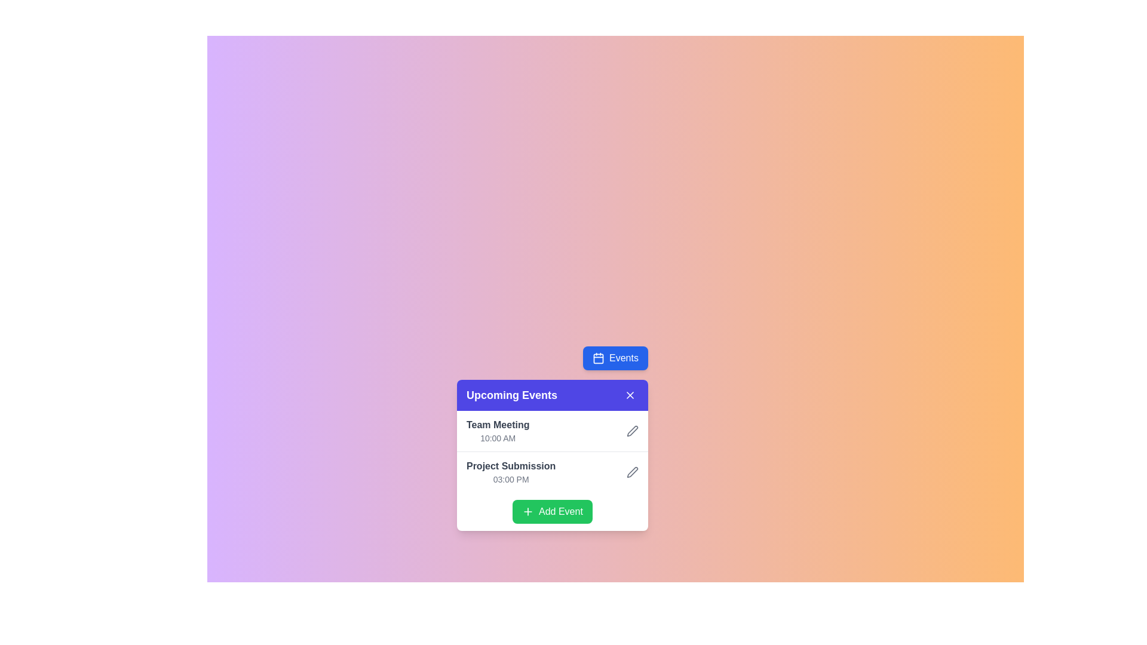 The image size is (1147, 645). What do you see at coordinates (551, 395) in the screenshot?
I see `section title 'Upcoming Events' from the header bar with a purple background and white text, which includes a close button on the right` at bounding box center [551, 395].